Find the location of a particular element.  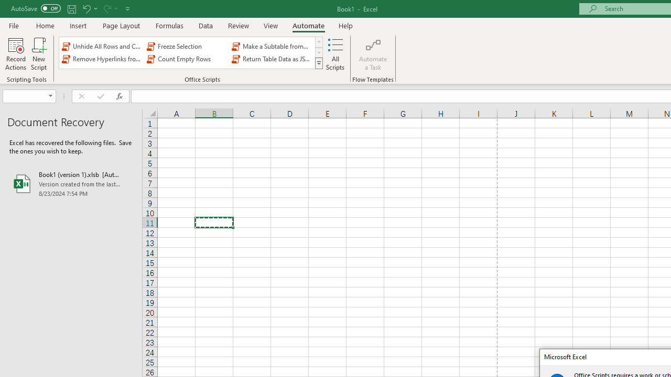

'Unhide All Rows and Columns' is located at coordinates (102, 46).